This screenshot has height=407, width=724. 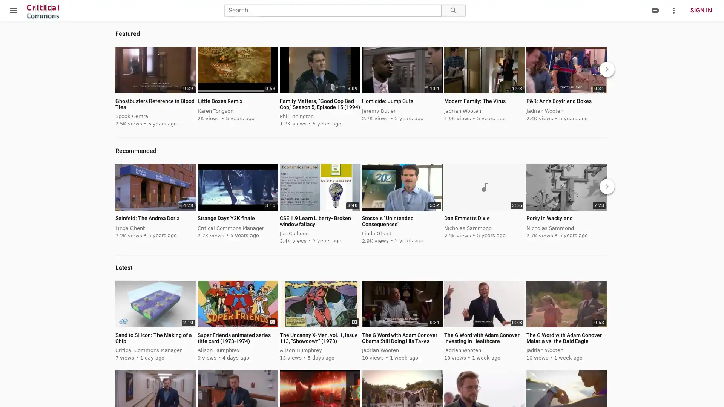 What do you see at coordinates (13, 10) in the screenshot?
I see `menu` at bounding box center [13, 10].